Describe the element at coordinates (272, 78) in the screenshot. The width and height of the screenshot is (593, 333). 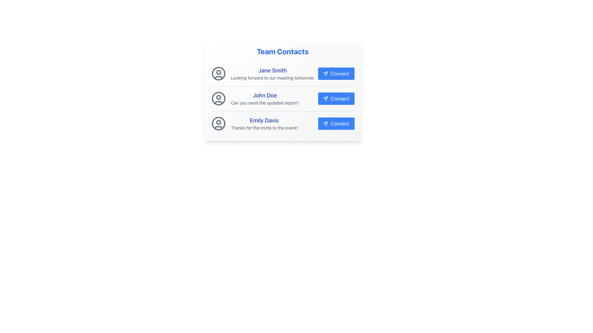
I see `the Text label displaying a personal message or comment associated with the user 'Jane Smith', located in the 'Team Contacts' section, positioned below the name header and above the 'Connect' button` at that location.